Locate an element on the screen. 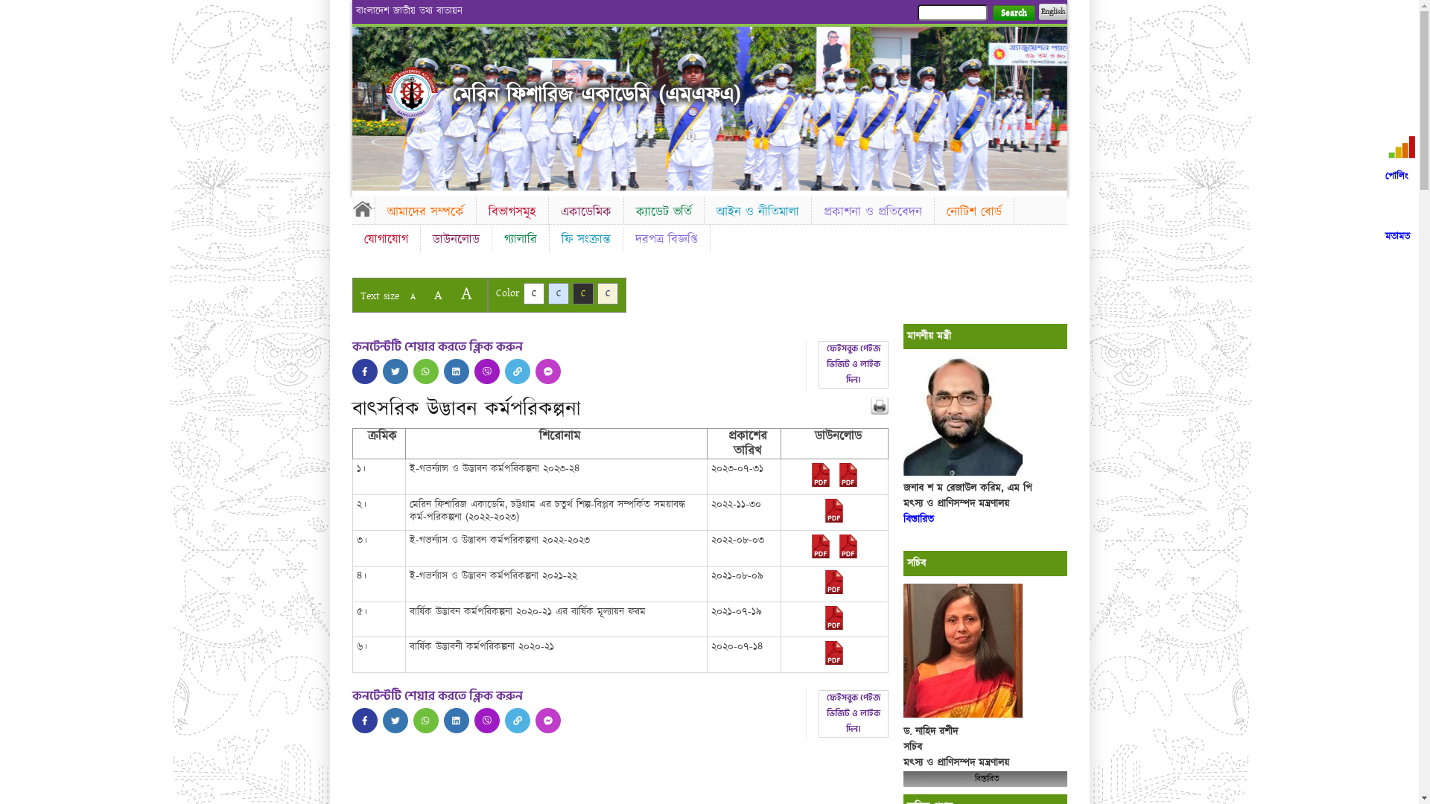 This screenshot has height=804, width=1430. '2023-07-31-09-17-785443f333b9fa75a77498dc5881d5d4.pdf' is located at coordinates (807, 484).